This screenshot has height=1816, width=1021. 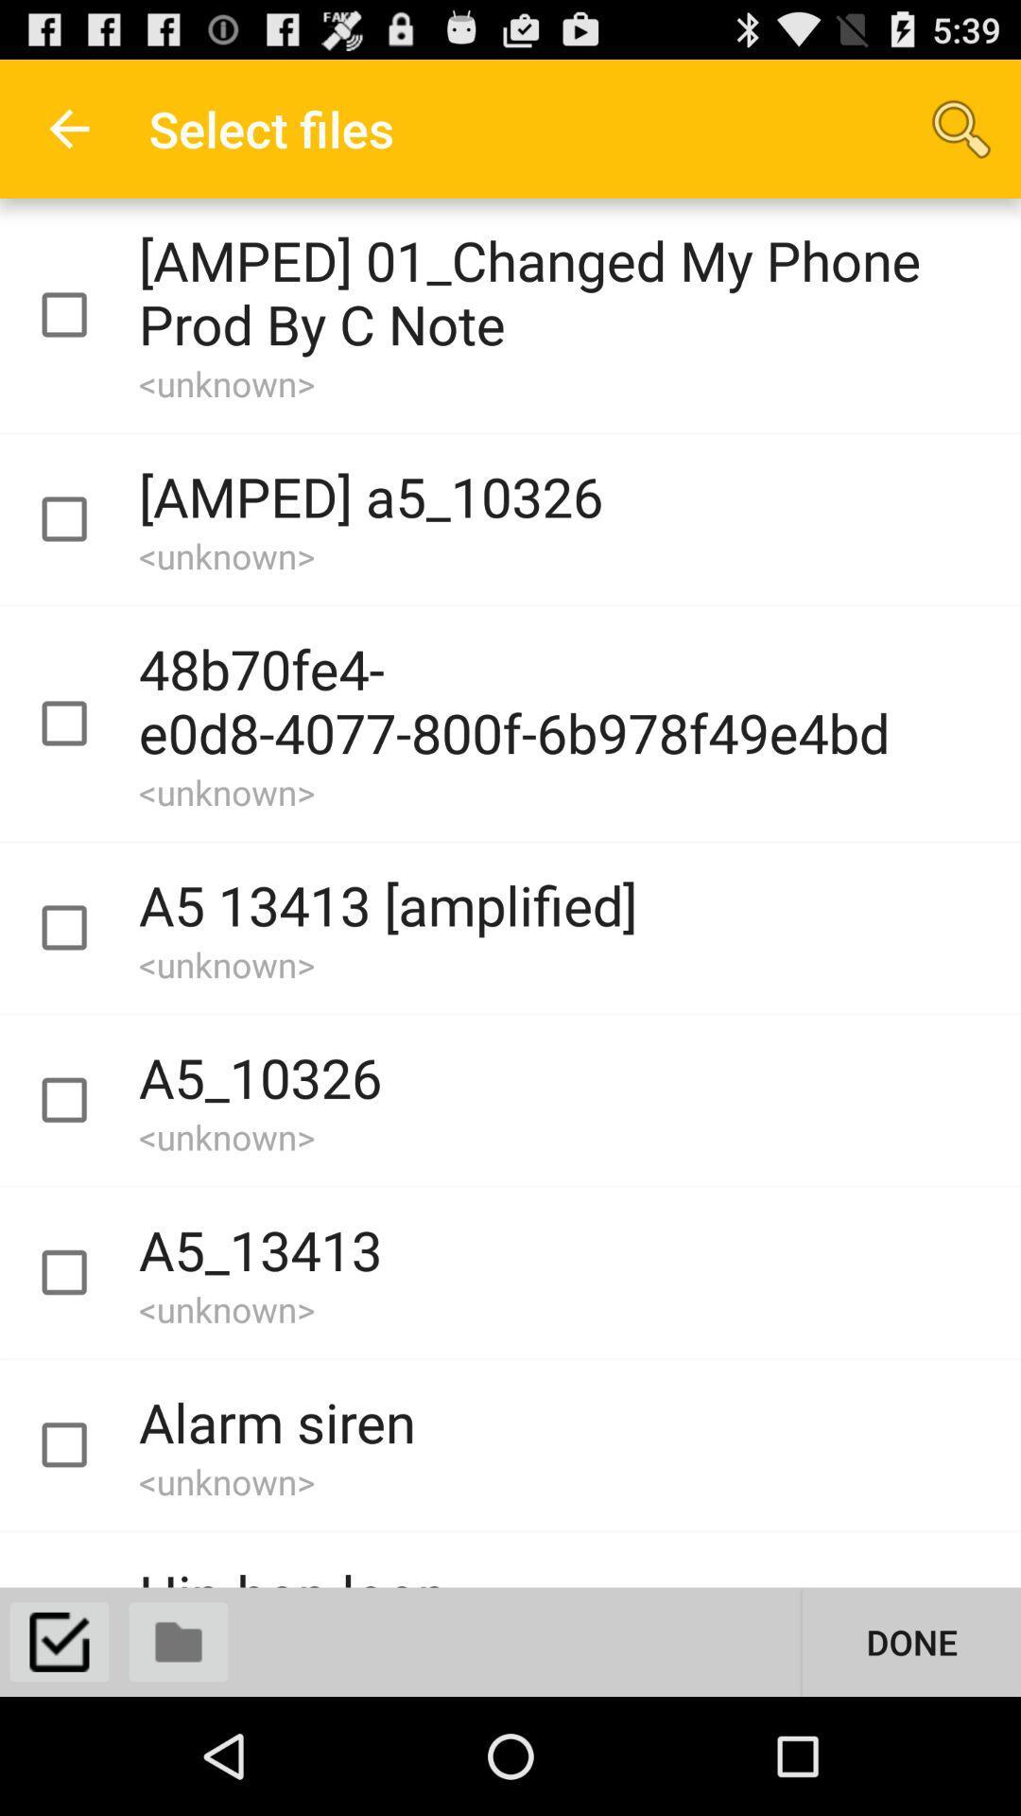 What do you see at coordinates (179, 1641) in the screenshot?
I see `displays folders` at bounding box center [179, 1641].